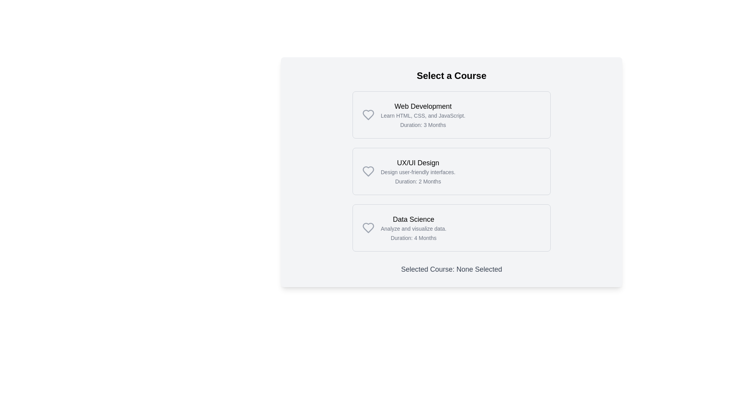 Image resolution: width=743 pixels, height=418 pixels. Describe the element at coordinates (418, 162) in the screenshot. I see `the text label displaying 'UX/UI Design' located at the top of the second course description box to interact with adjacent buttons or links` at that location.